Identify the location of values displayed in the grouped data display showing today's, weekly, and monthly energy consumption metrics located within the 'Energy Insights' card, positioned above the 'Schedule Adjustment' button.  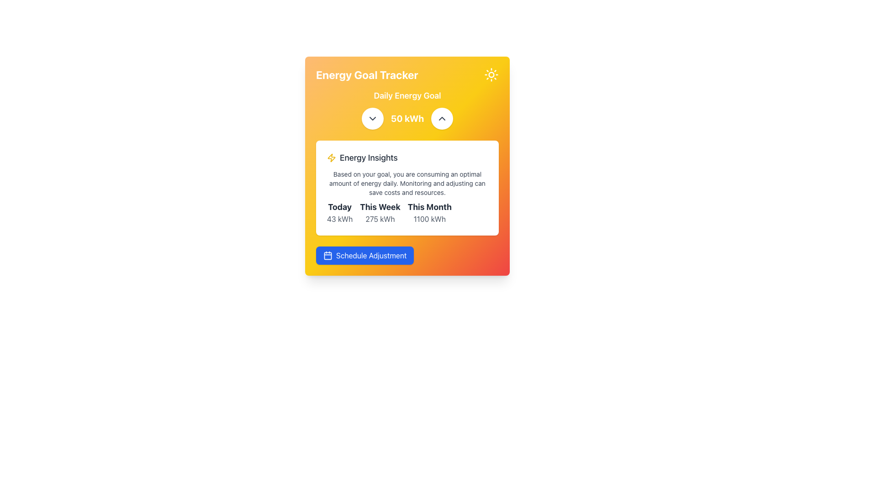
(407, 213).